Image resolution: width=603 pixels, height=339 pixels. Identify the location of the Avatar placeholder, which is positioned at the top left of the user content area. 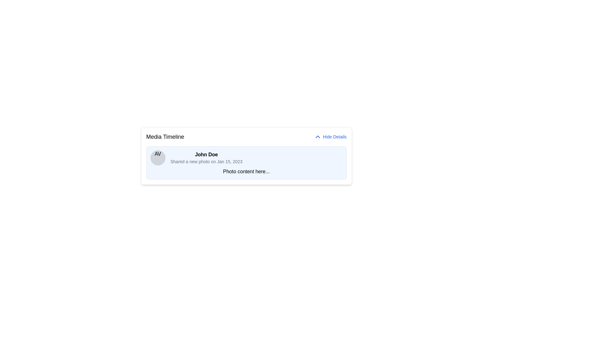
(158, 157).